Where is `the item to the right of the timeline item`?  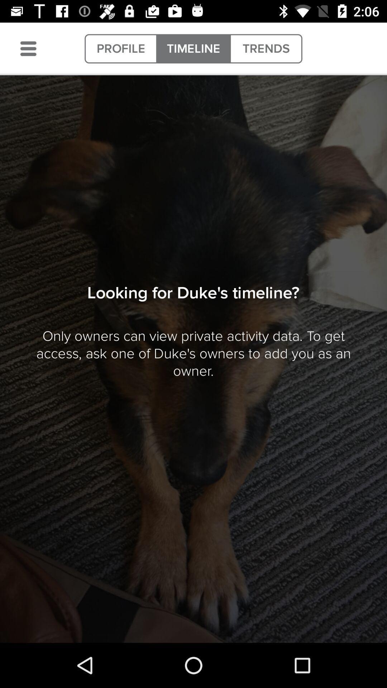
the item to the right of the timeline item is located at coordinates (266, 48).